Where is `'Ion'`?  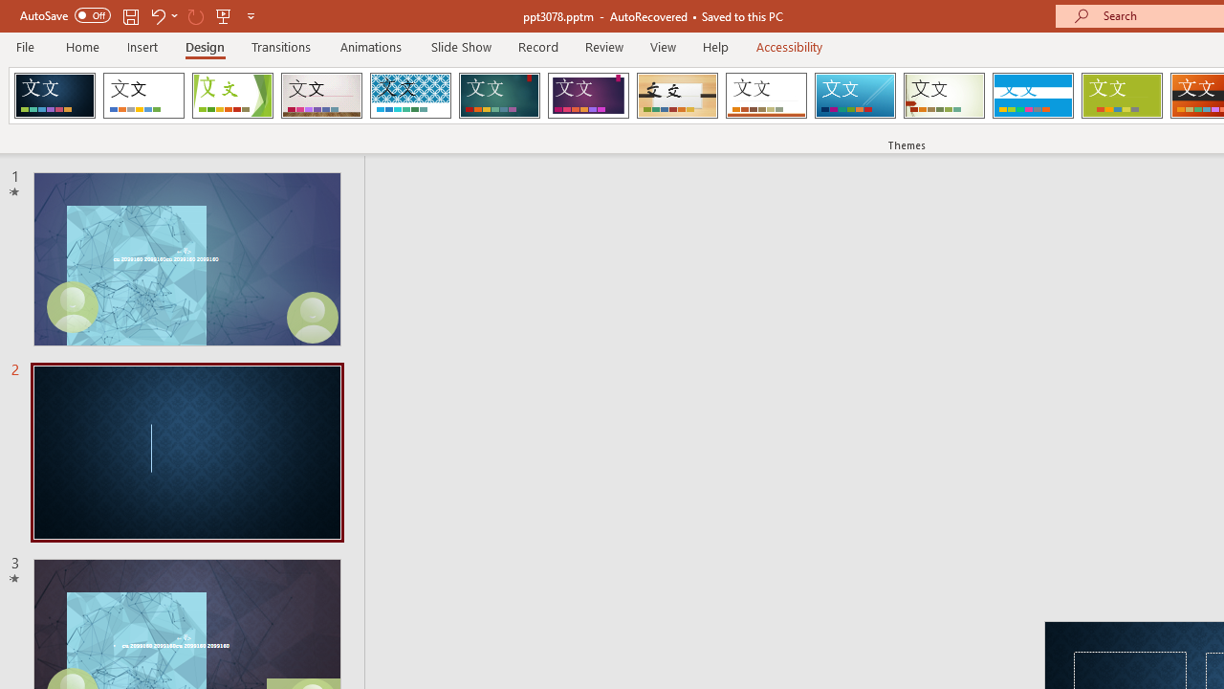 'Ion' is located at coordinates (499, 96).